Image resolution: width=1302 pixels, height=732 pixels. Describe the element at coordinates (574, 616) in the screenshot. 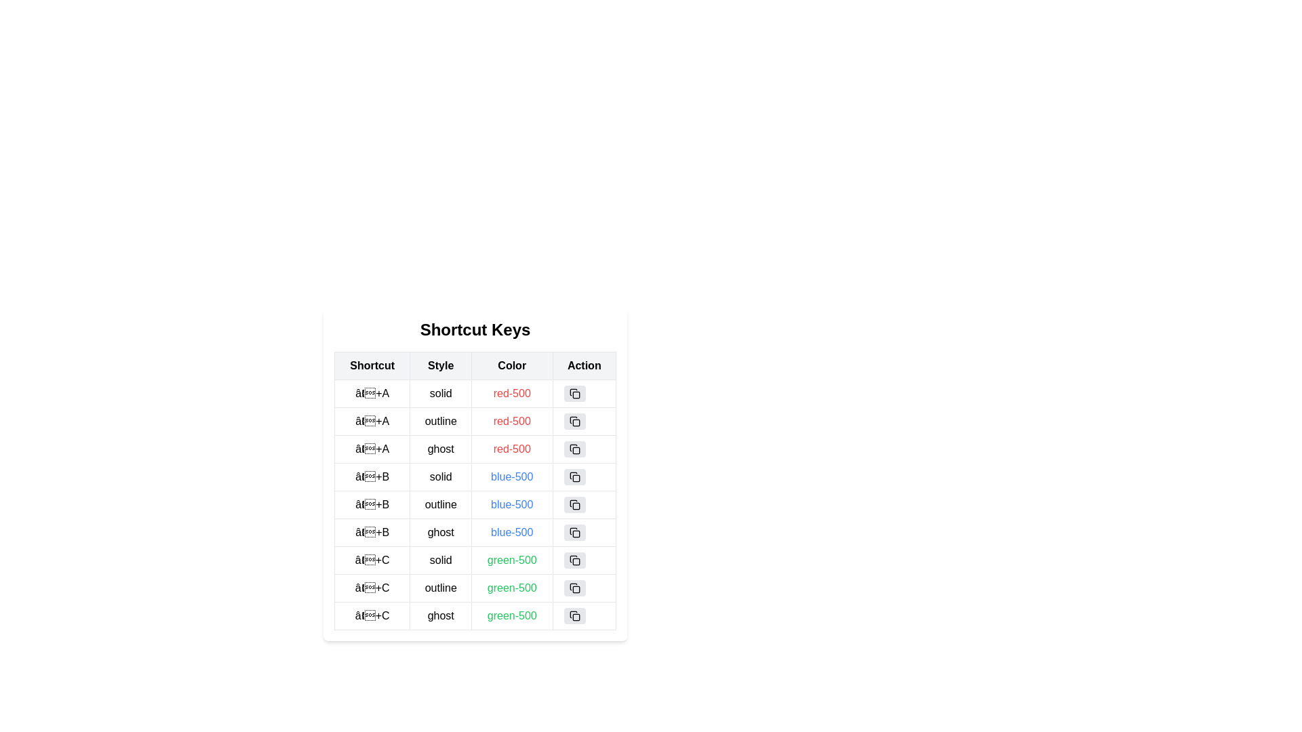

I see `the clipboard SVG icon located in the 'Action' column of the last row of the table` at that location.